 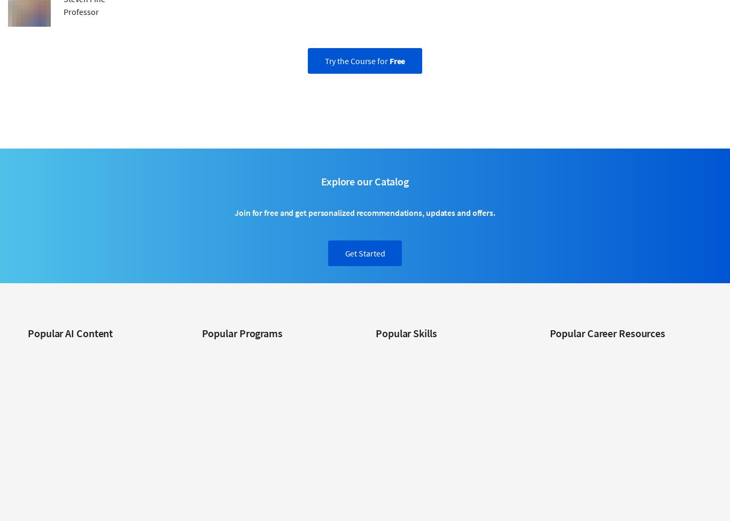 What do you see at coordinates (401, 495) in the screenshot?
I see `'Python Courses'` at bounding box center [401, 495].